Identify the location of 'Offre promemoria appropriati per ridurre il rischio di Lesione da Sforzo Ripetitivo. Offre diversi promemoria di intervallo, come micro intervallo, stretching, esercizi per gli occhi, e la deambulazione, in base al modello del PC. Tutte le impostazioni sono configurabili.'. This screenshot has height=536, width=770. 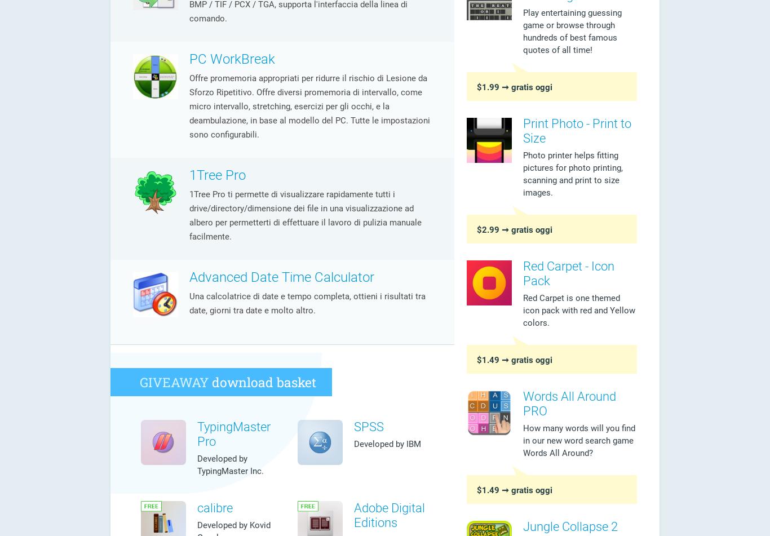
(309, 106).